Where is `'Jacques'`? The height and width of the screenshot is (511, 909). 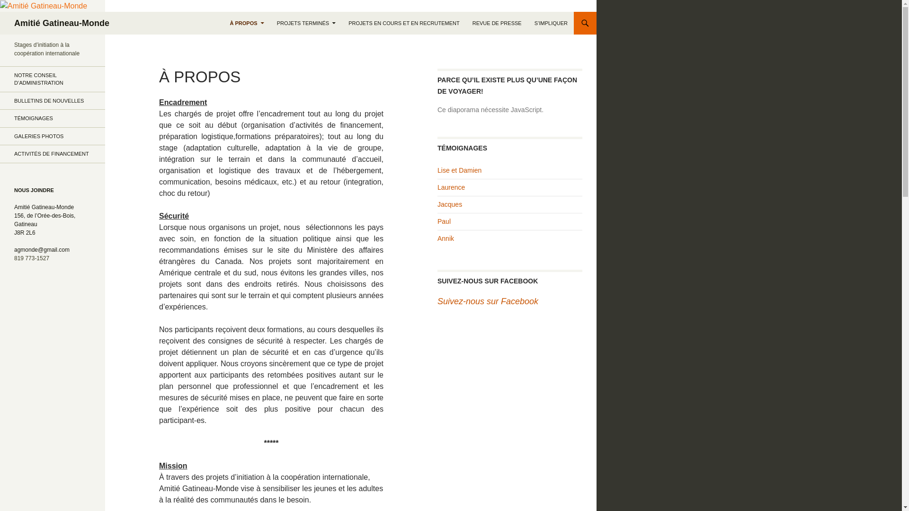 'Jacques' is located at coordinates (449, 204).